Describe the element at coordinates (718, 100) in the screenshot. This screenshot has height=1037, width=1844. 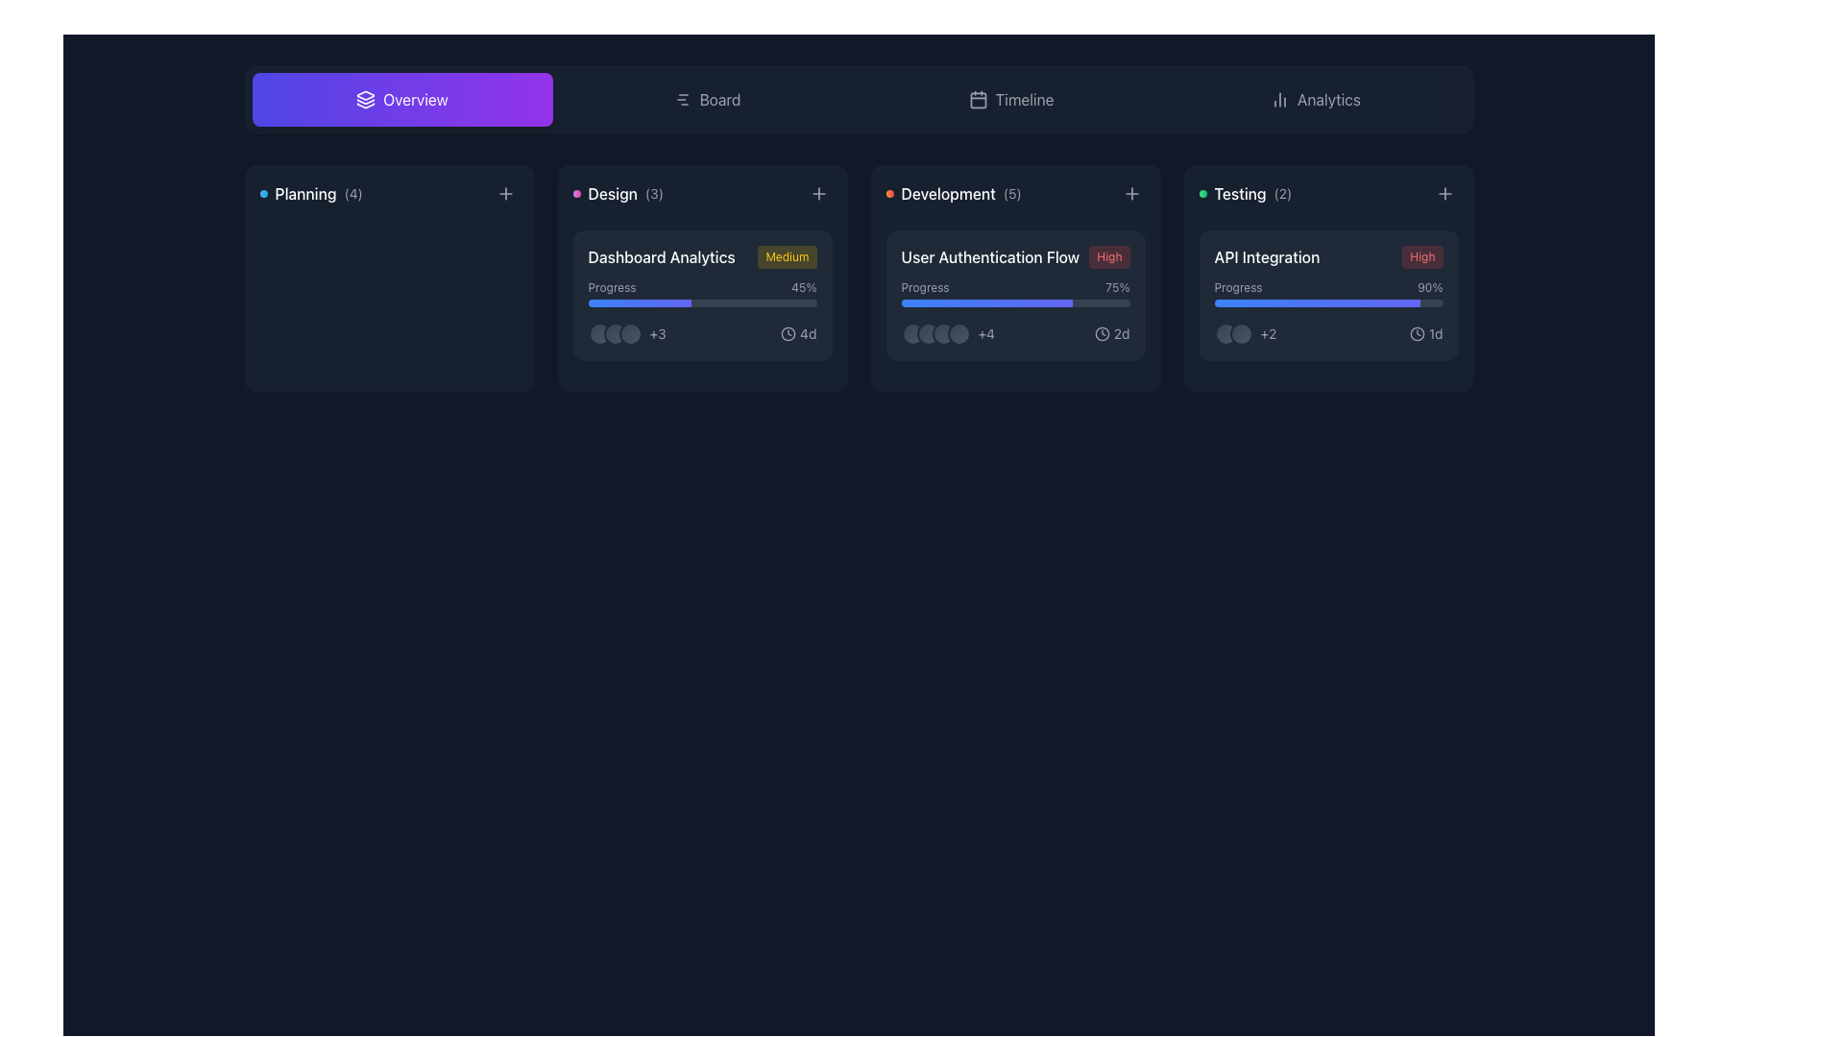
I see `the 'Board' text label in the navigation menu` at that location.